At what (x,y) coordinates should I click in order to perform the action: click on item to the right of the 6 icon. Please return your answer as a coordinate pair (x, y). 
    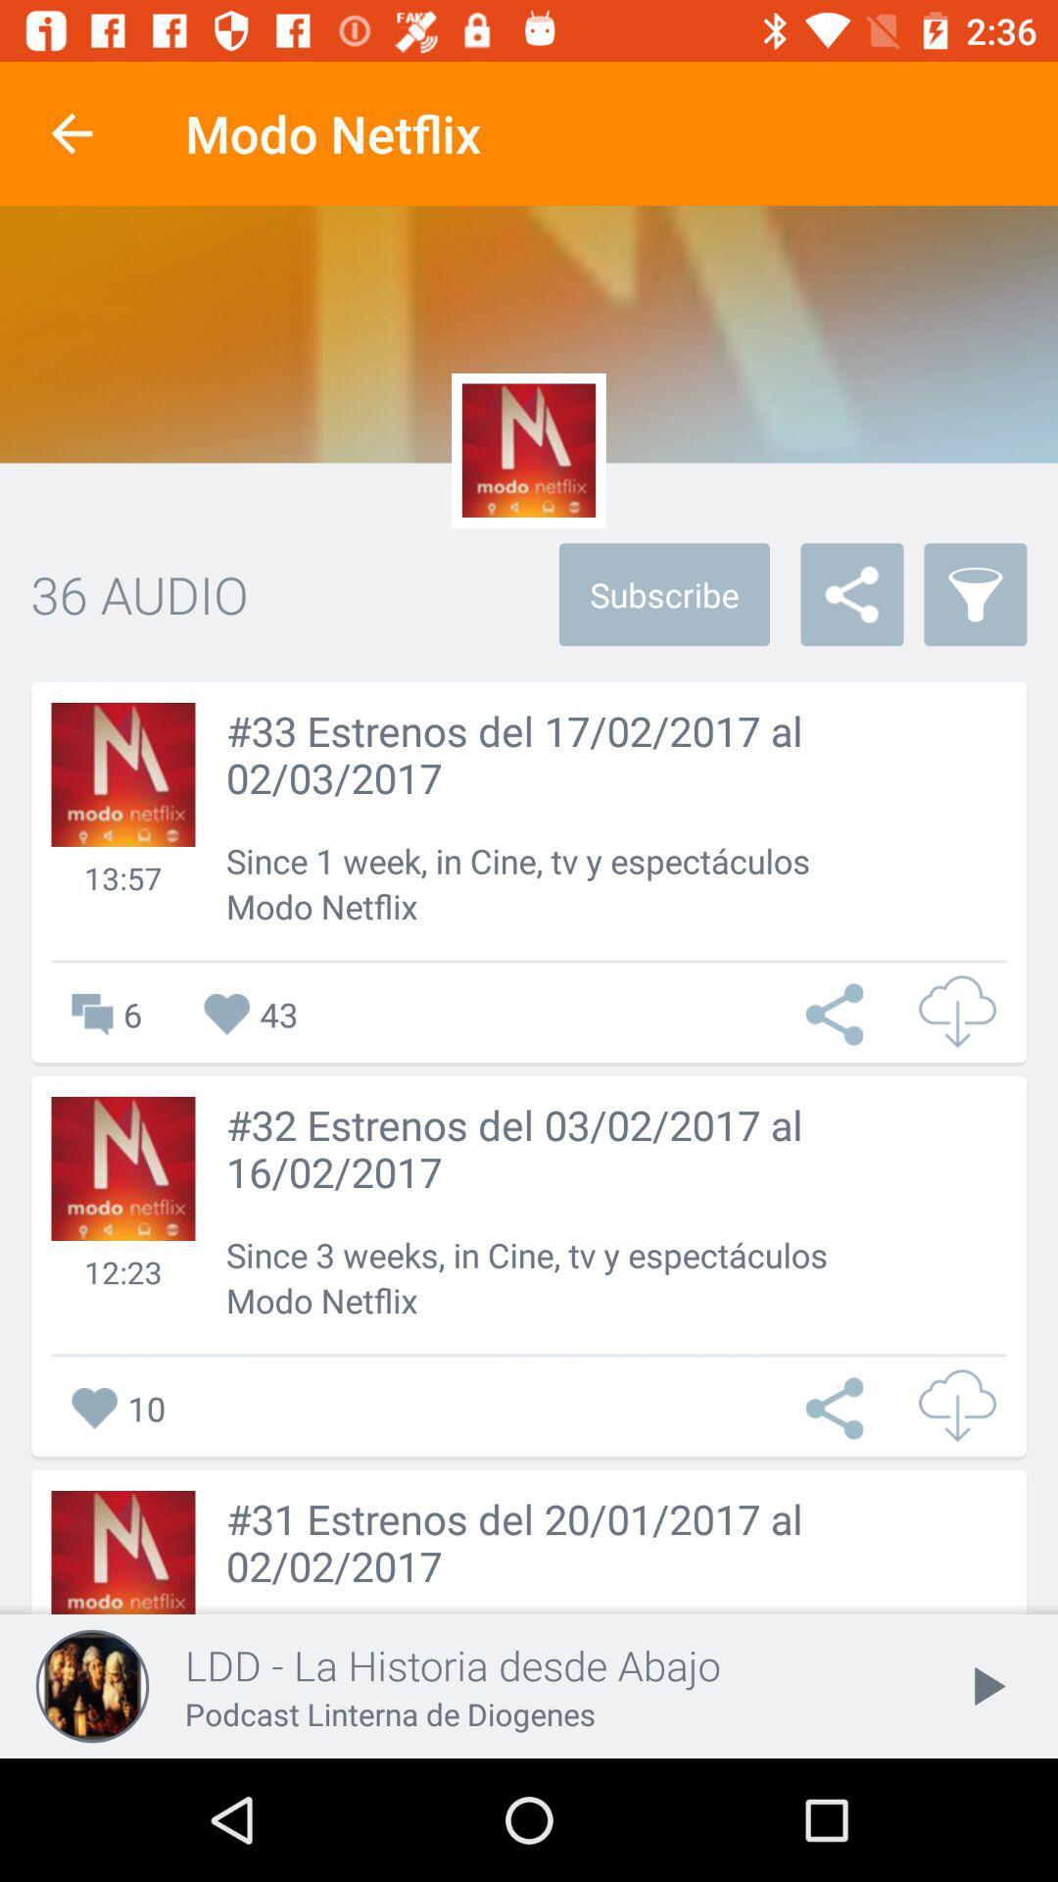
    Looking at the image, I should click on (250, 1015).